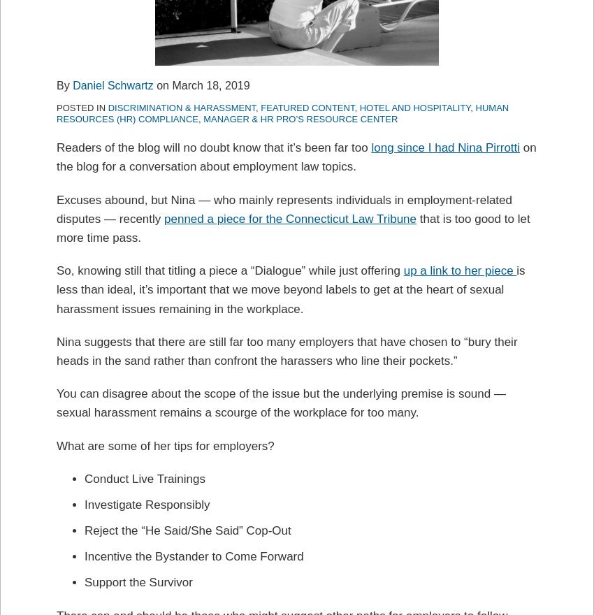 The height and width of the screenshot is (615, 594). Describe the element at coordinates (230, 270) in the screenshot. I see `'So, knowing still that titling a piece a “Dialogue” while just offering'` at that location.